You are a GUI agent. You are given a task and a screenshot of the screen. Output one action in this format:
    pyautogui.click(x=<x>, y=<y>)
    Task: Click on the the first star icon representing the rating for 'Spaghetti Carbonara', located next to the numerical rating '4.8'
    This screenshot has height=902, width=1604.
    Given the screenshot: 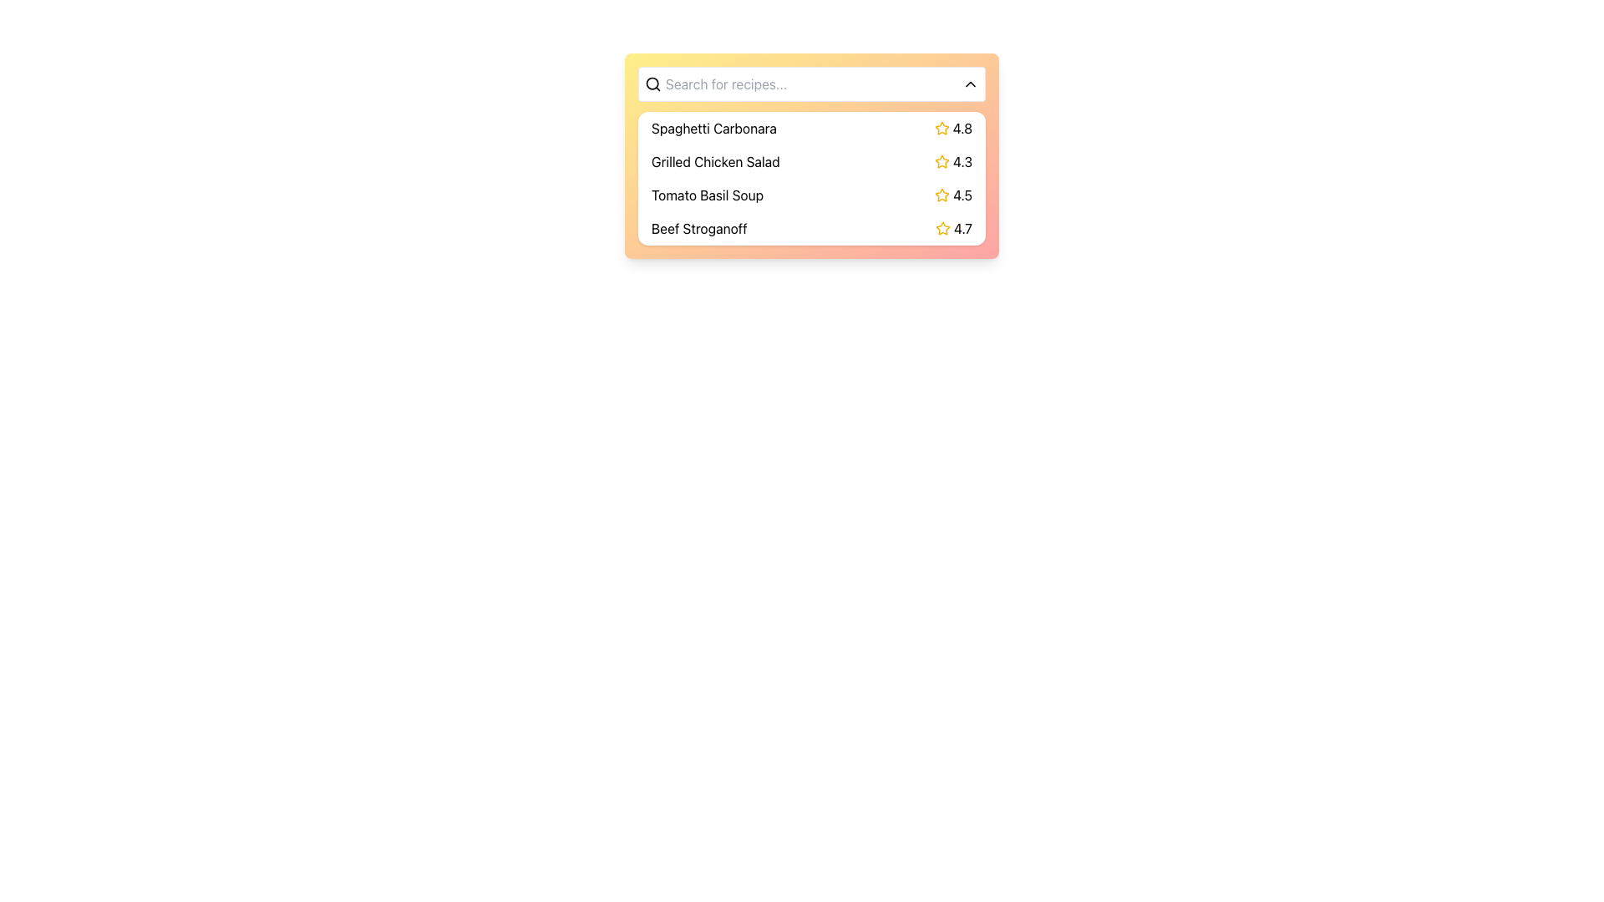 What is the action you would take?
    pyautogui.click(x=942, y=128)
    